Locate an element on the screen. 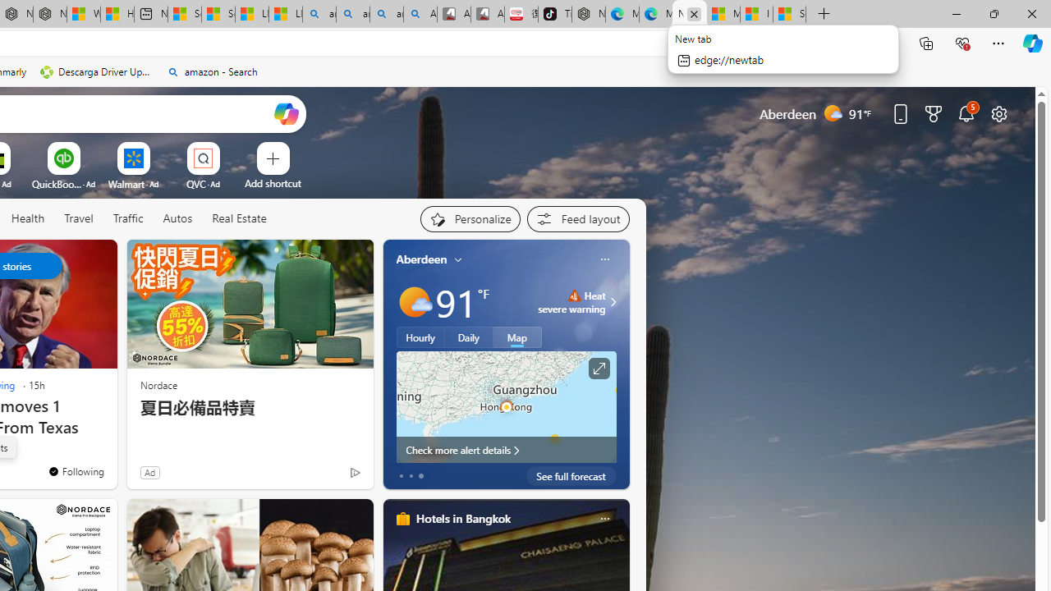 This screenshot has width=1051, height=591. 'Amazon Echo Robot - Search Images' is located at coordinates (420, 14).